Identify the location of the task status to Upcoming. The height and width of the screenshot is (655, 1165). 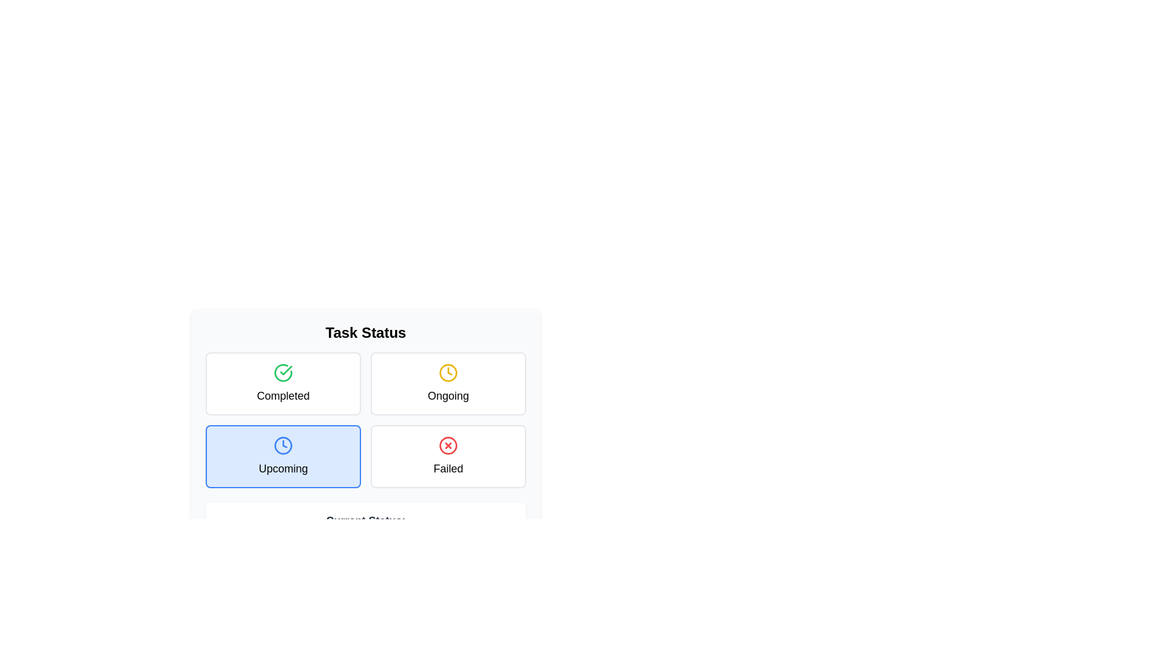
(282, 456).